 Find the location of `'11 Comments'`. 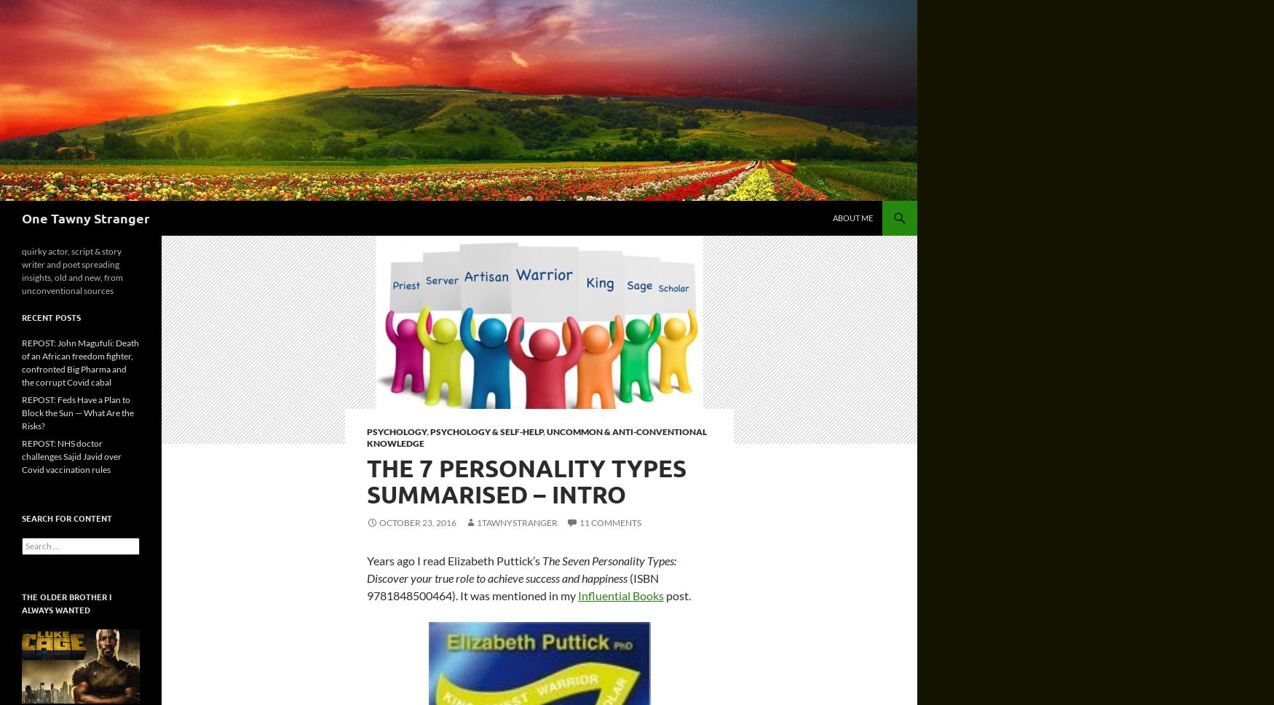

'11 Comments' is located at coordinates (579, 522).